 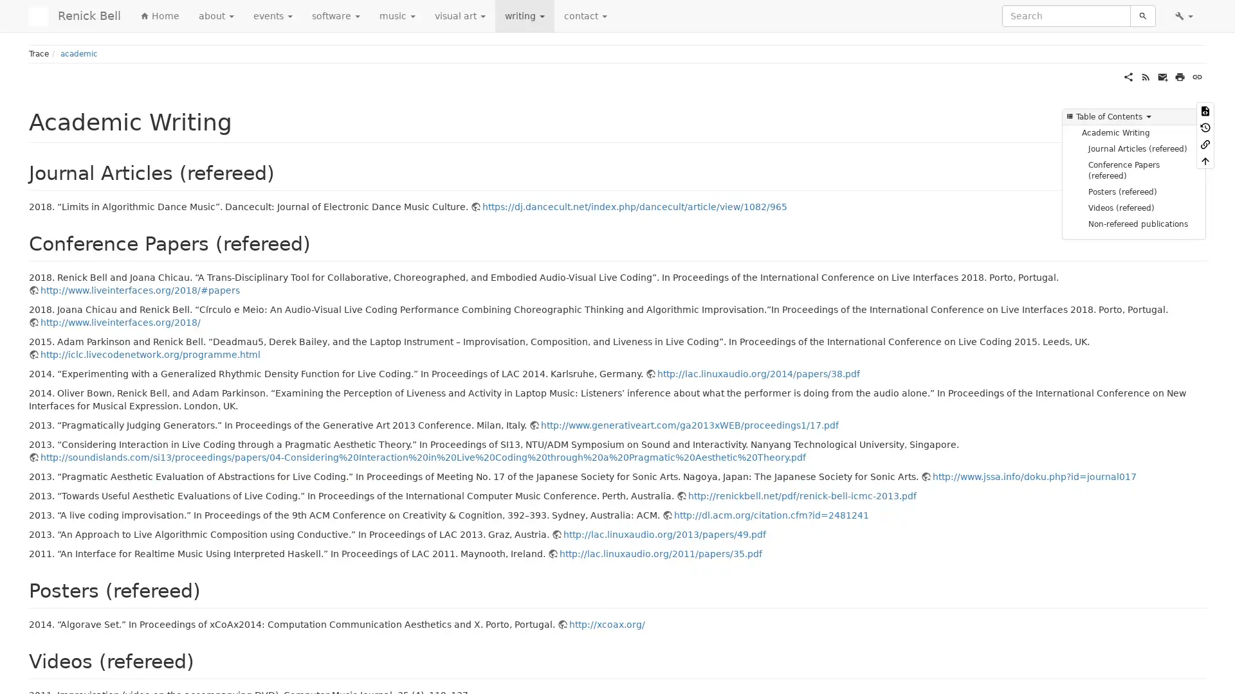 I want to click on Search, so click(x=1142, y=15).